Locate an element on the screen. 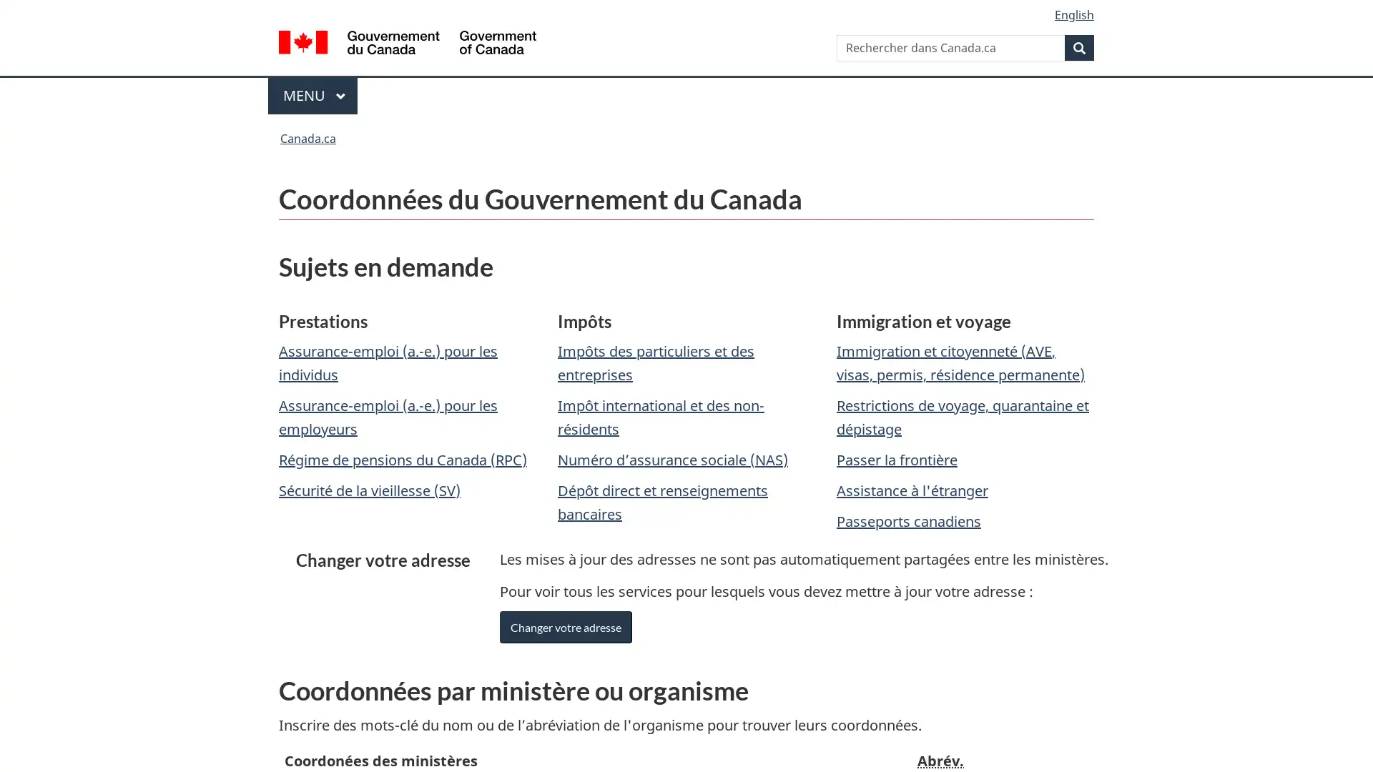 The image size is (1373, 772). Recherche is located at coordinates (1079, 46).